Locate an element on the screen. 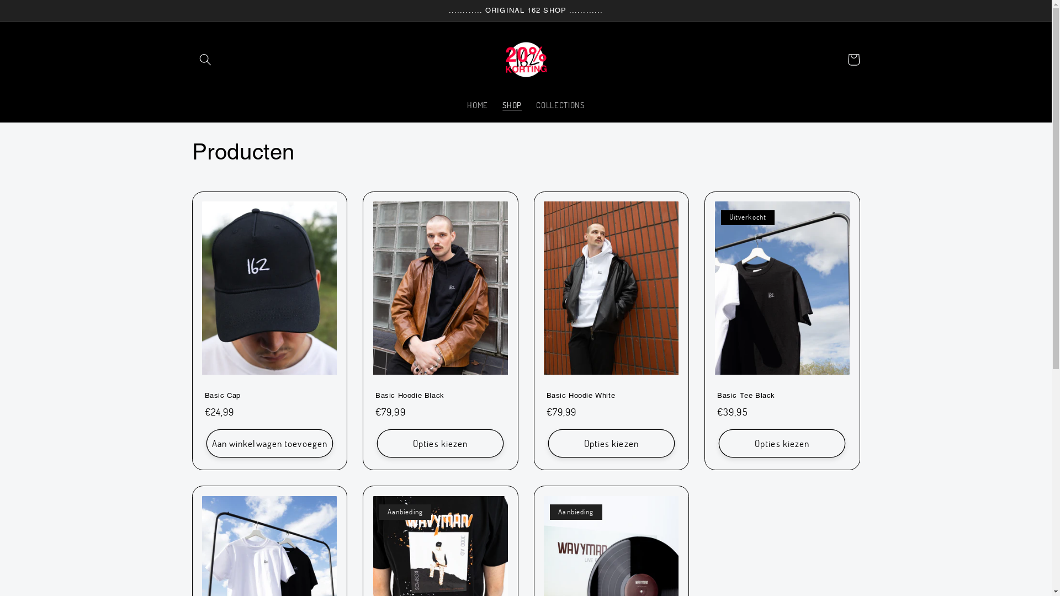  'Basic Hoodie Black' is located at coordinates (439, 395).